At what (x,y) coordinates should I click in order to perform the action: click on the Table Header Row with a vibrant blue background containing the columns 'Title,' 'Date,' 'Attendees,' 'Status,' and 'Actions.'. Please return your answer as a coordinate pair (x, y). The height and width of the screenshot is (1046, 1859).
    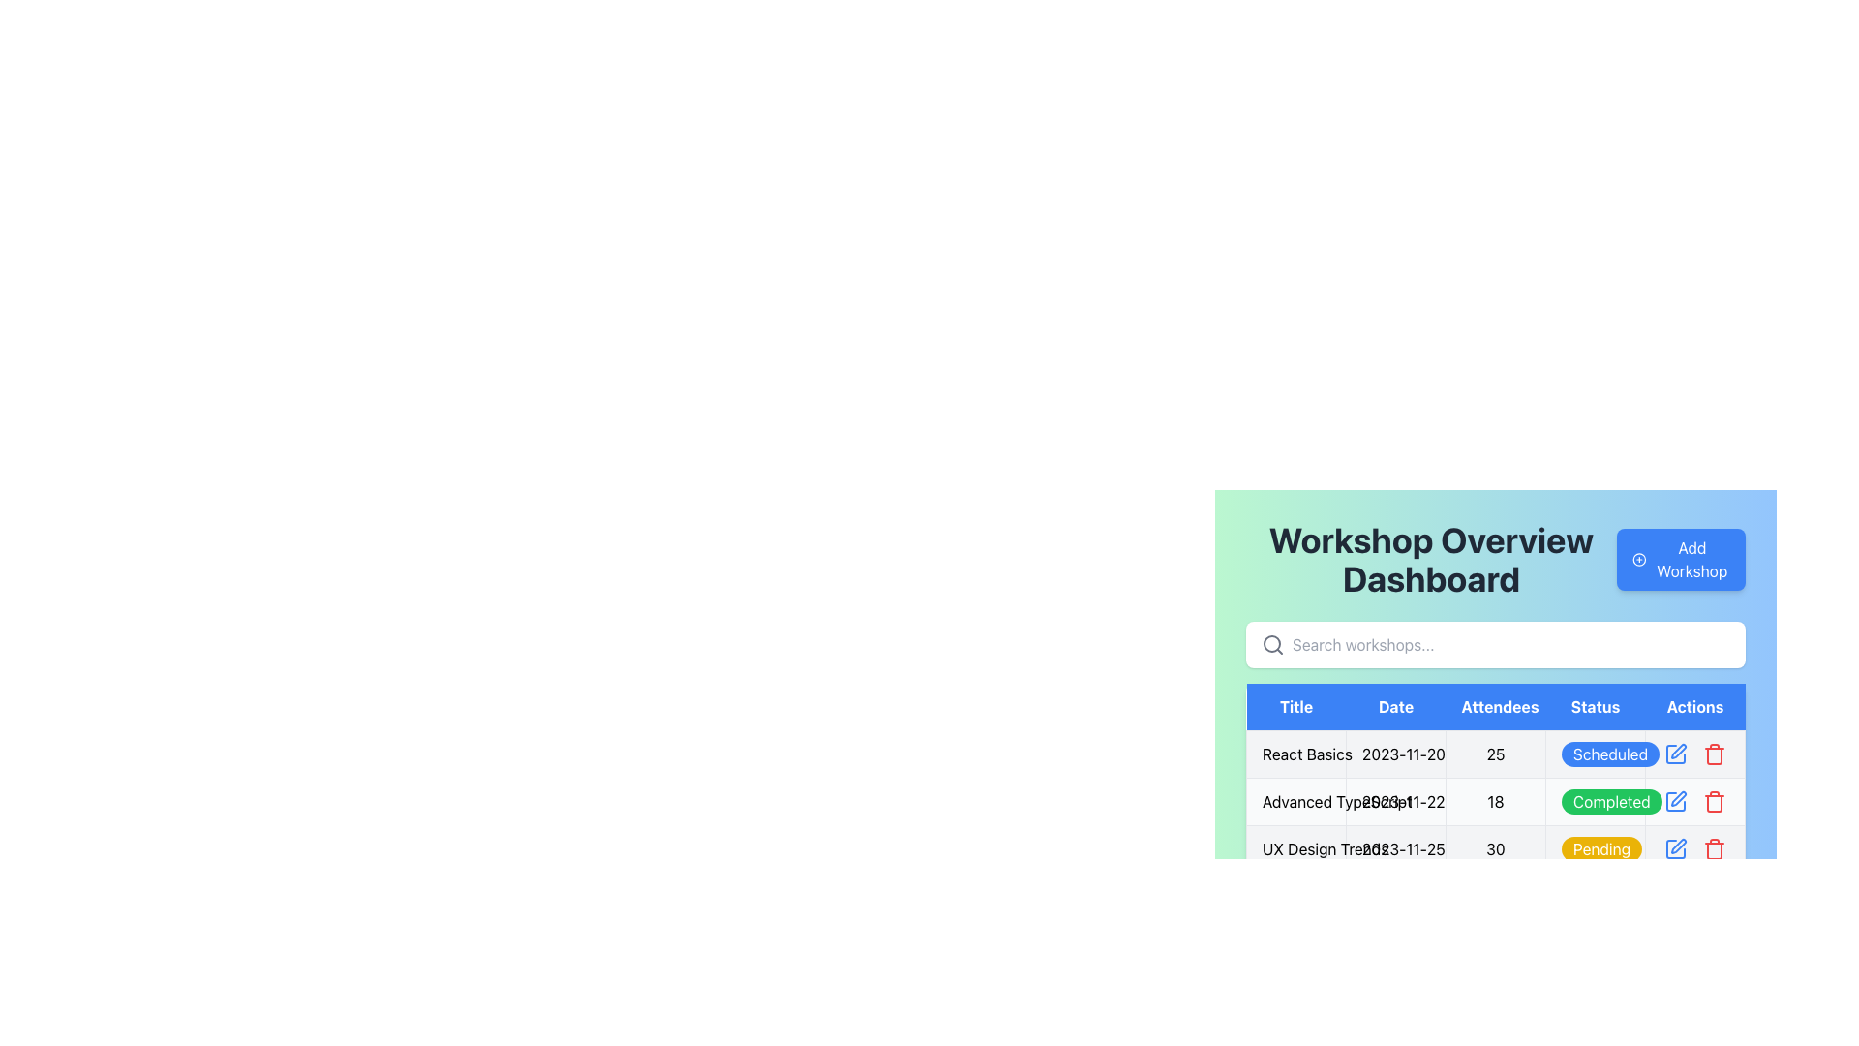
    Looking at the image, I should click on (1495, 706).